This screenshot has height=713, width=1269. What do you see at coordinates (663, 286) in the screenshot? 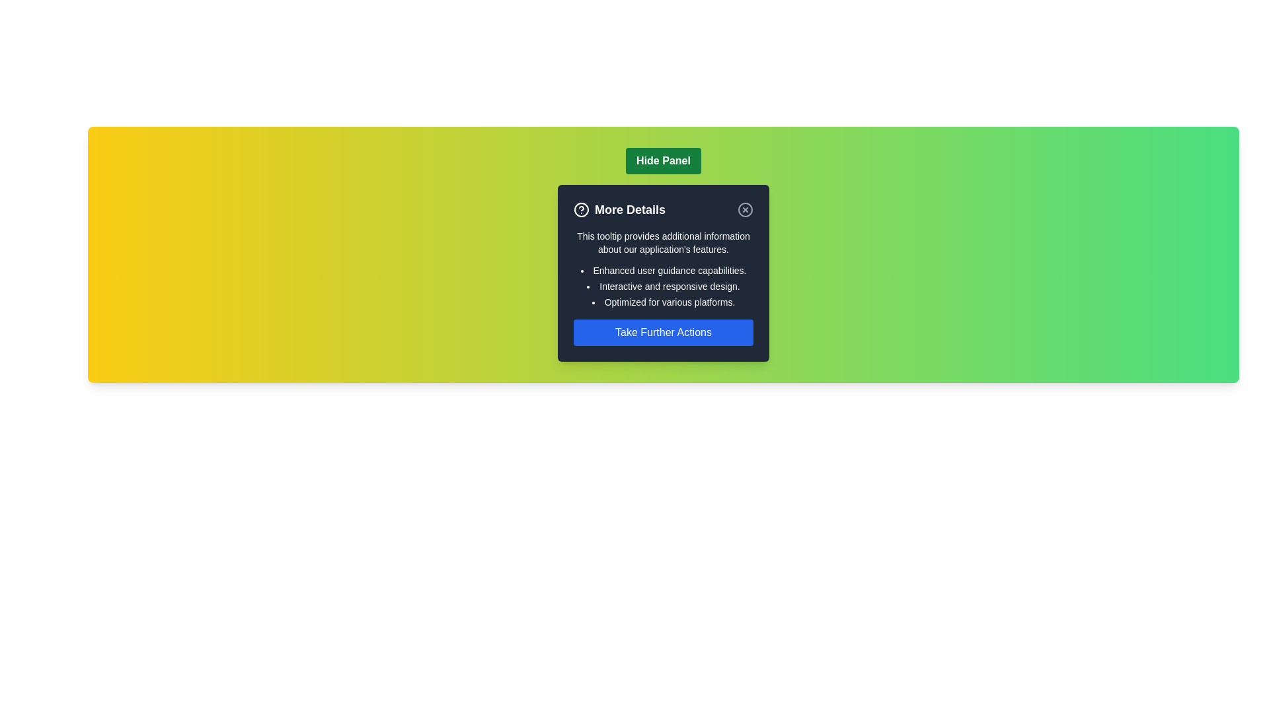
I see `the second bulleted list item containing the text 'Interactive and responsive design.'` at bounding box center [663, 286].